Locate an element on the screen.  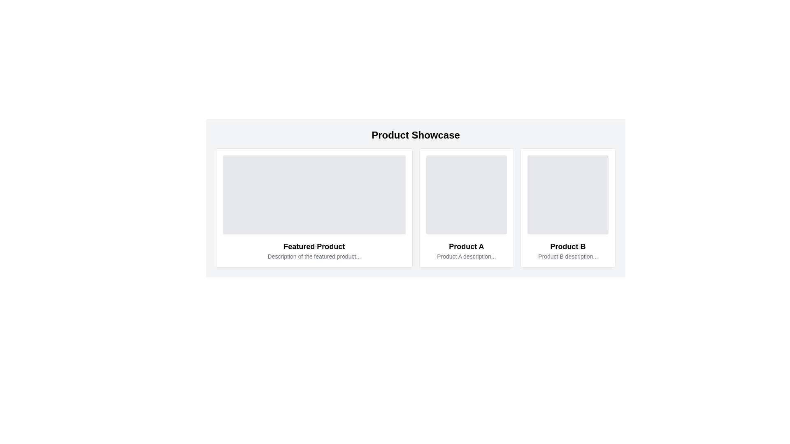
text element displaying 'Description of the featured product...' located below the heading in the 'Featured Product' section is located at coordinates (314, 256).